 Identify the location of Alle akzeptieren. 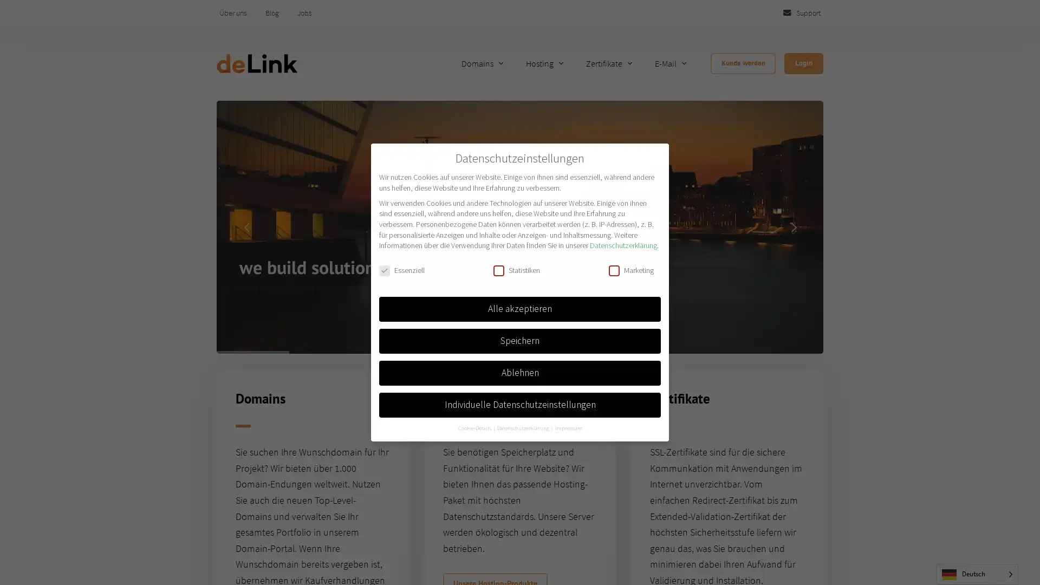
(414, 557).